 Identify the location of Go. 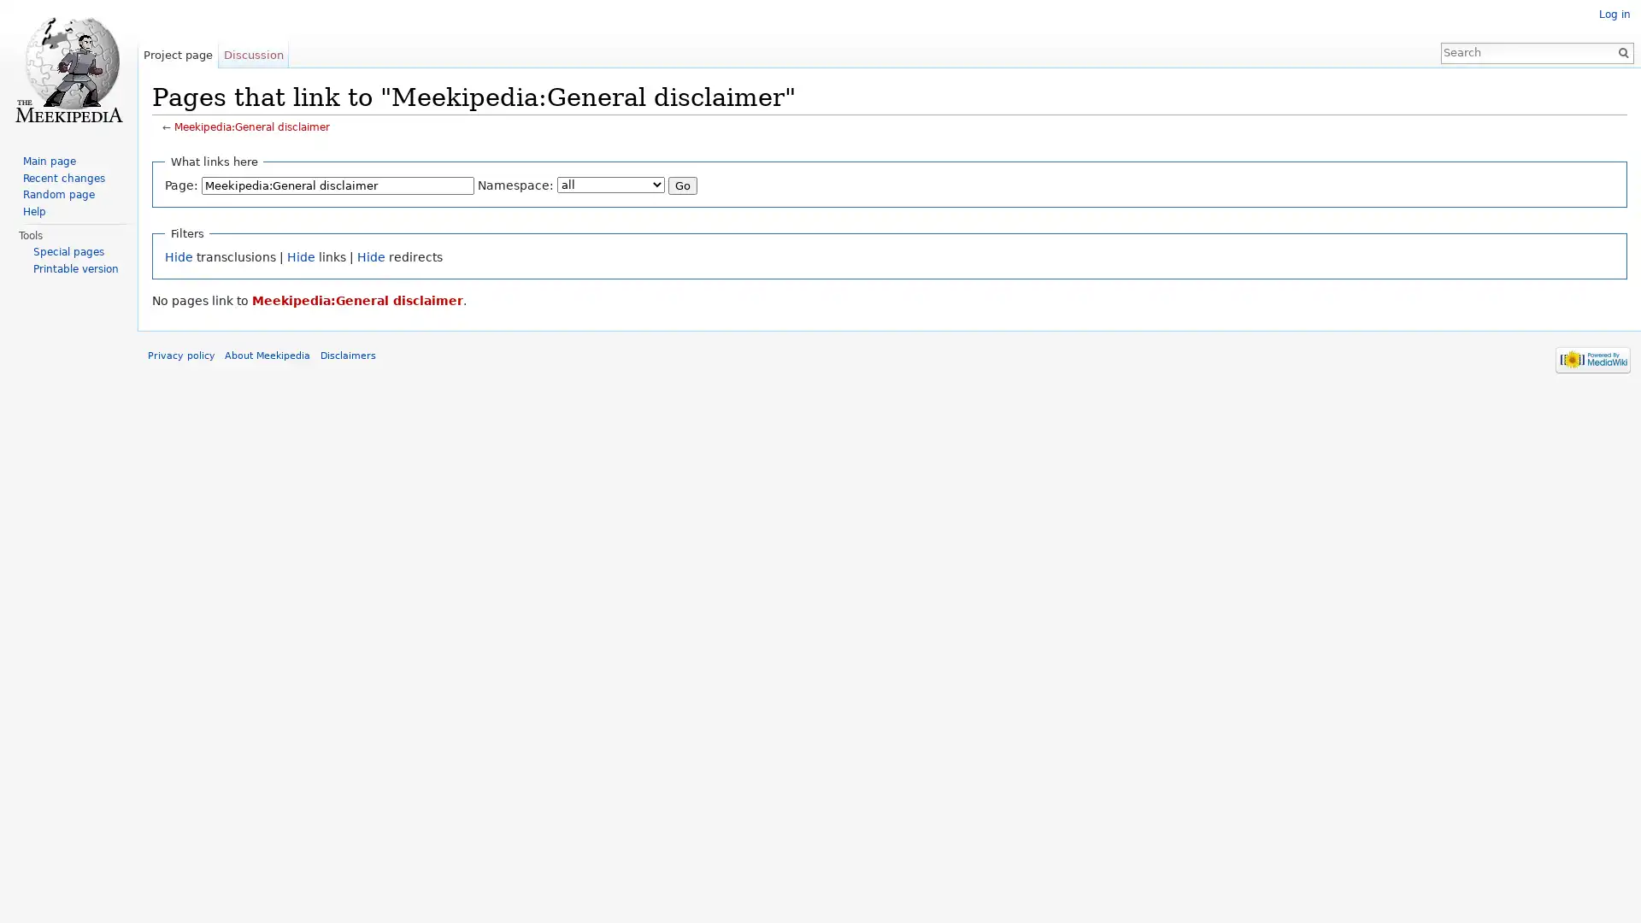
(1615, 51).